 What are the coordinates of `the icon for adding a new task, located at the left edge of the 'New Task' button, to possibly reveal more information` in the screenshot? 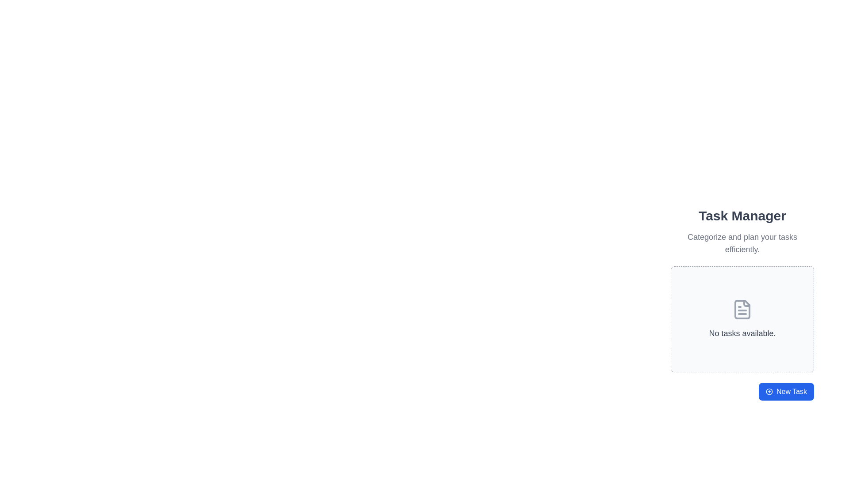 It's located at (769, 391).